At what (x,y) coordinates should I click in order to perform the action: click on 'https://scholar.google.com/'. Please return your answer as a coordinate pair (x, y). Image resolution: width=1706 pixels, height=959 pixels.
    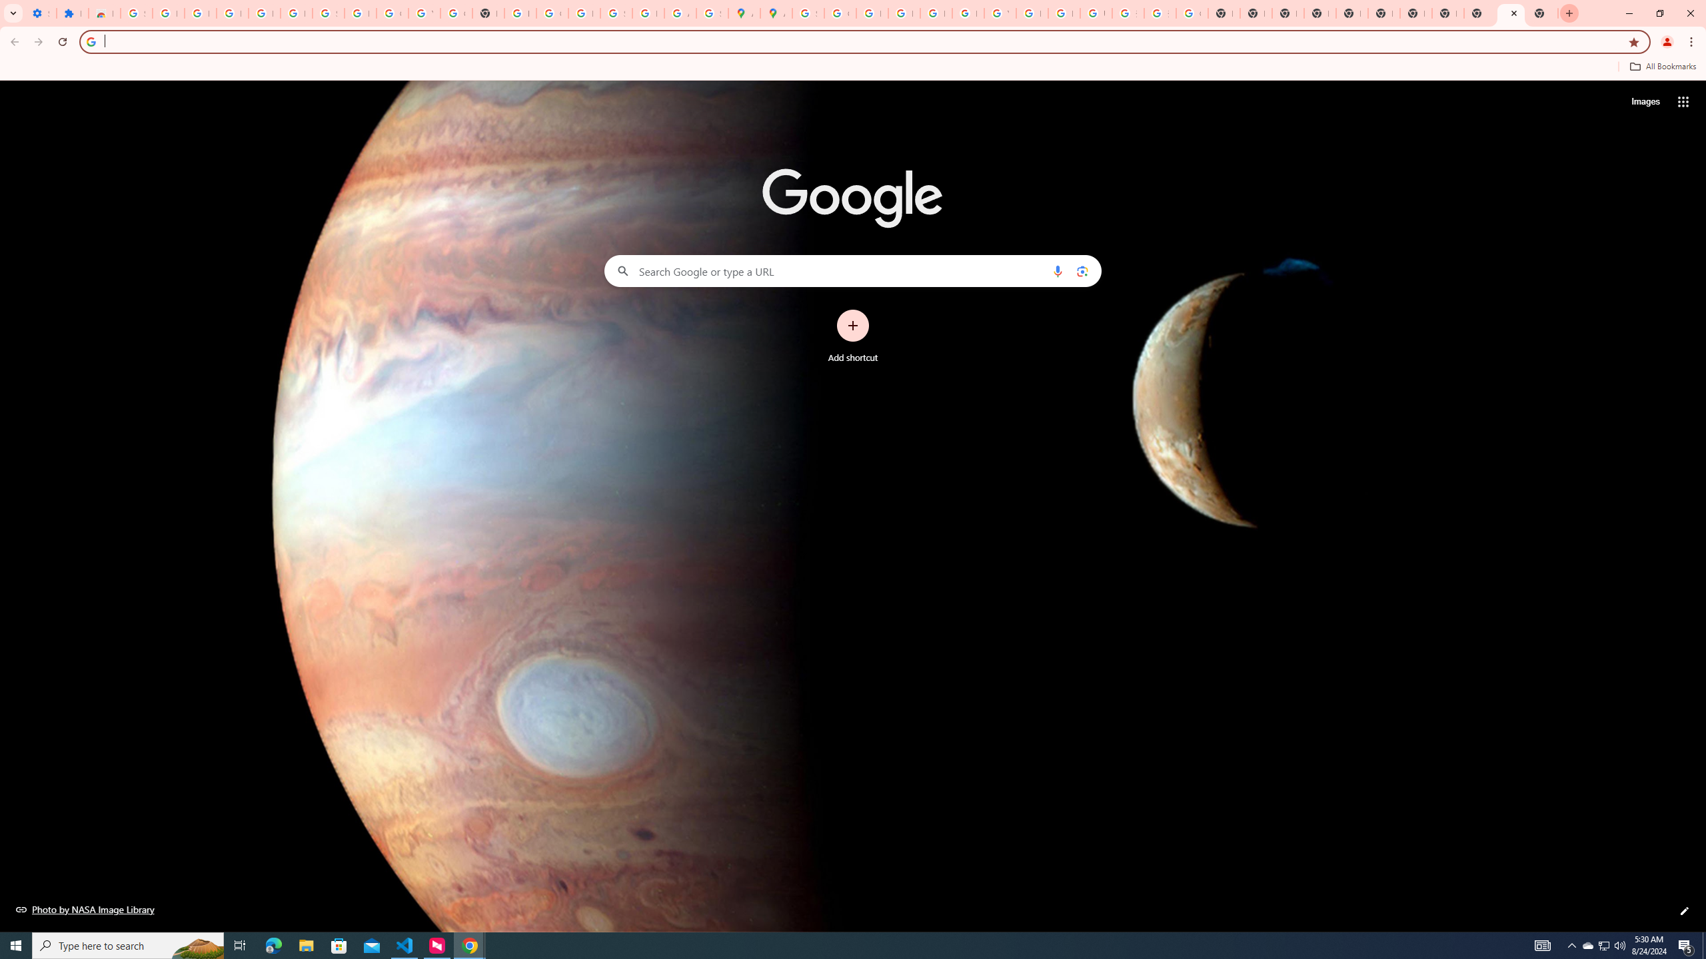
    Looking at the image, I should click on (519, 13).